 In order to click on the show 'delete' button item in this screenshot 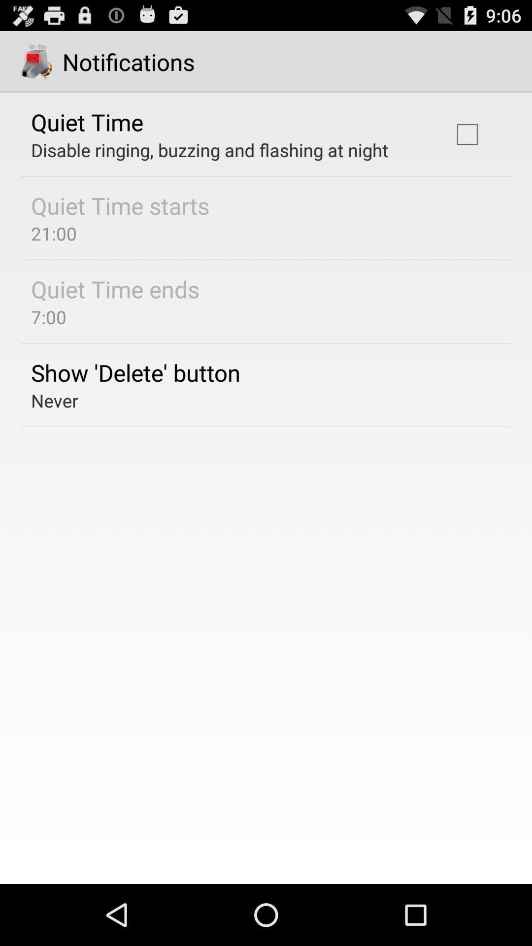, I will do `click(135, 372)`.